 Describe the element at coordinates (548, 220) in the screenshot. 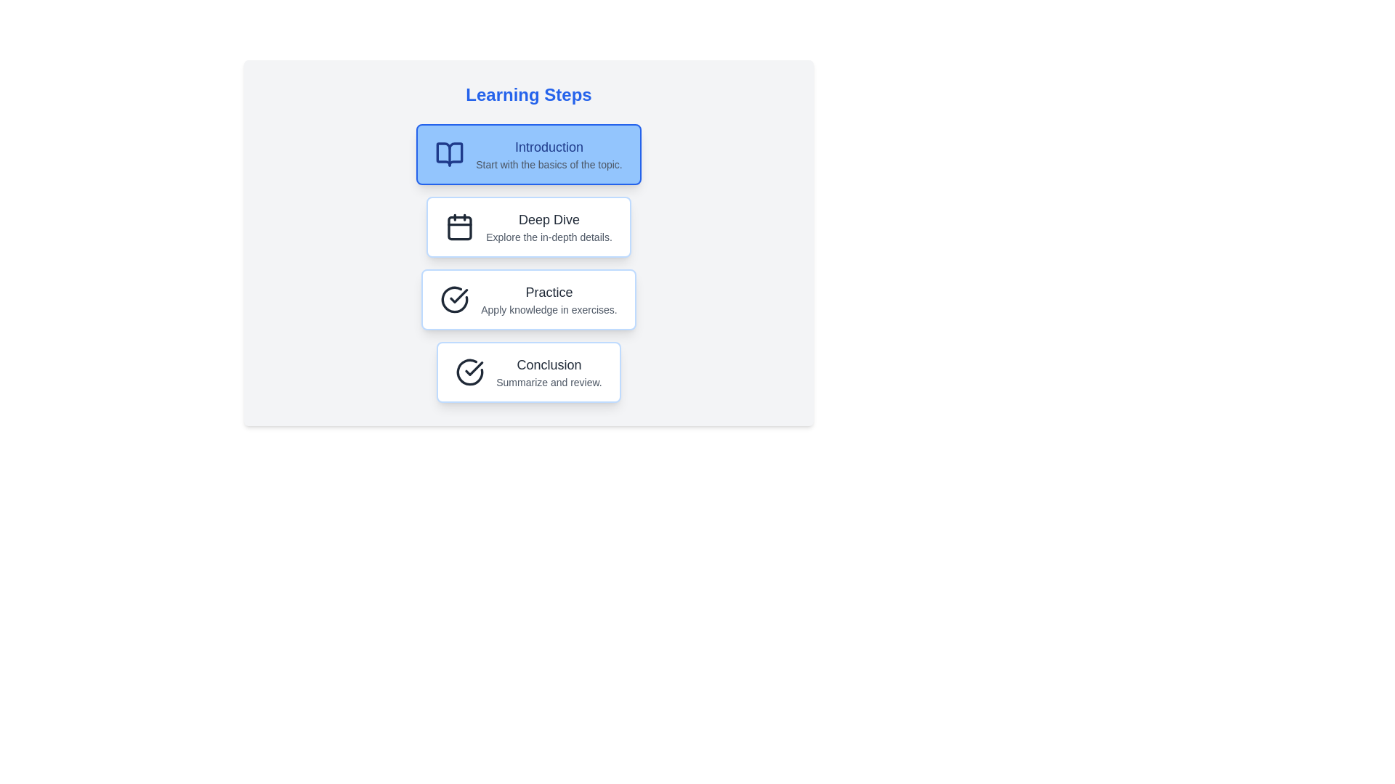

I see `the Text label that serves as the title for the second rectangular button labeled 'Deep Dive'` at that location.